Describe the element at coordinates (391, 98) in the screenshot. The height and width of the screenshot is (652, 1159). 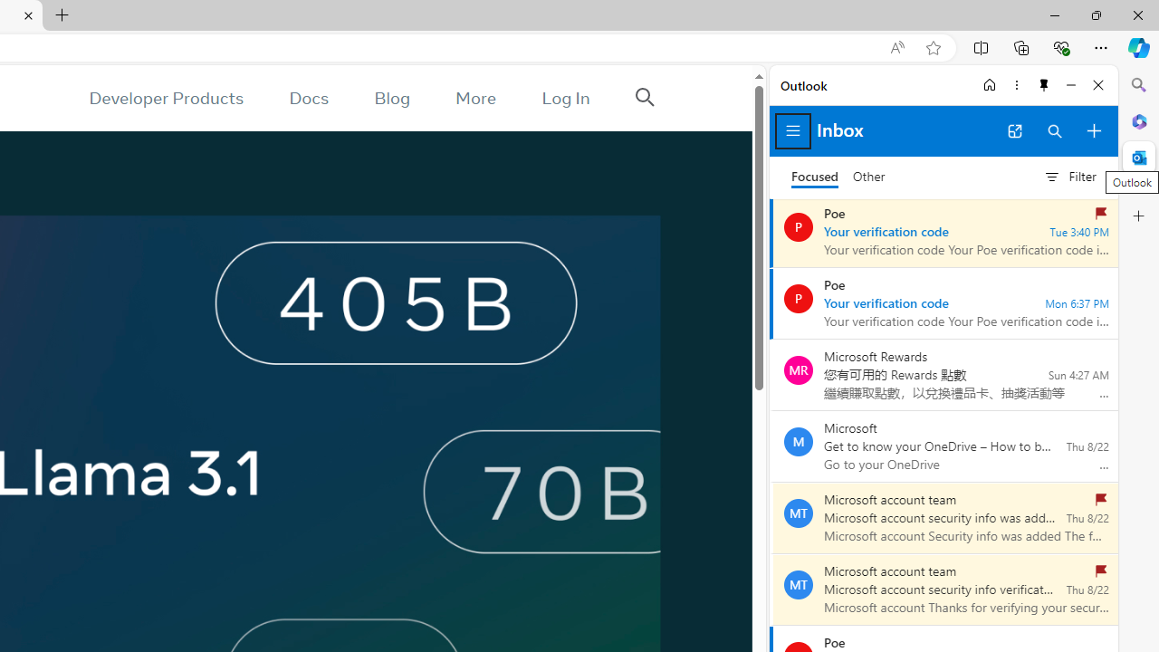
I see `'Blog'` at that location.